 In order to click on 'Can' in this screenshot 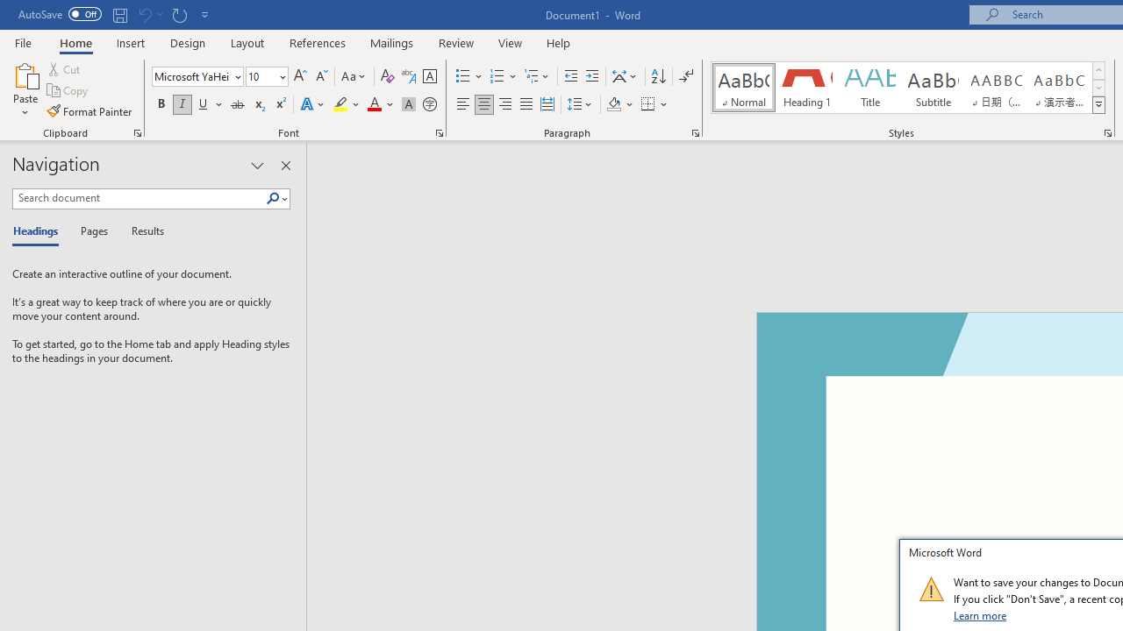, I will do `click(149, 14)`.